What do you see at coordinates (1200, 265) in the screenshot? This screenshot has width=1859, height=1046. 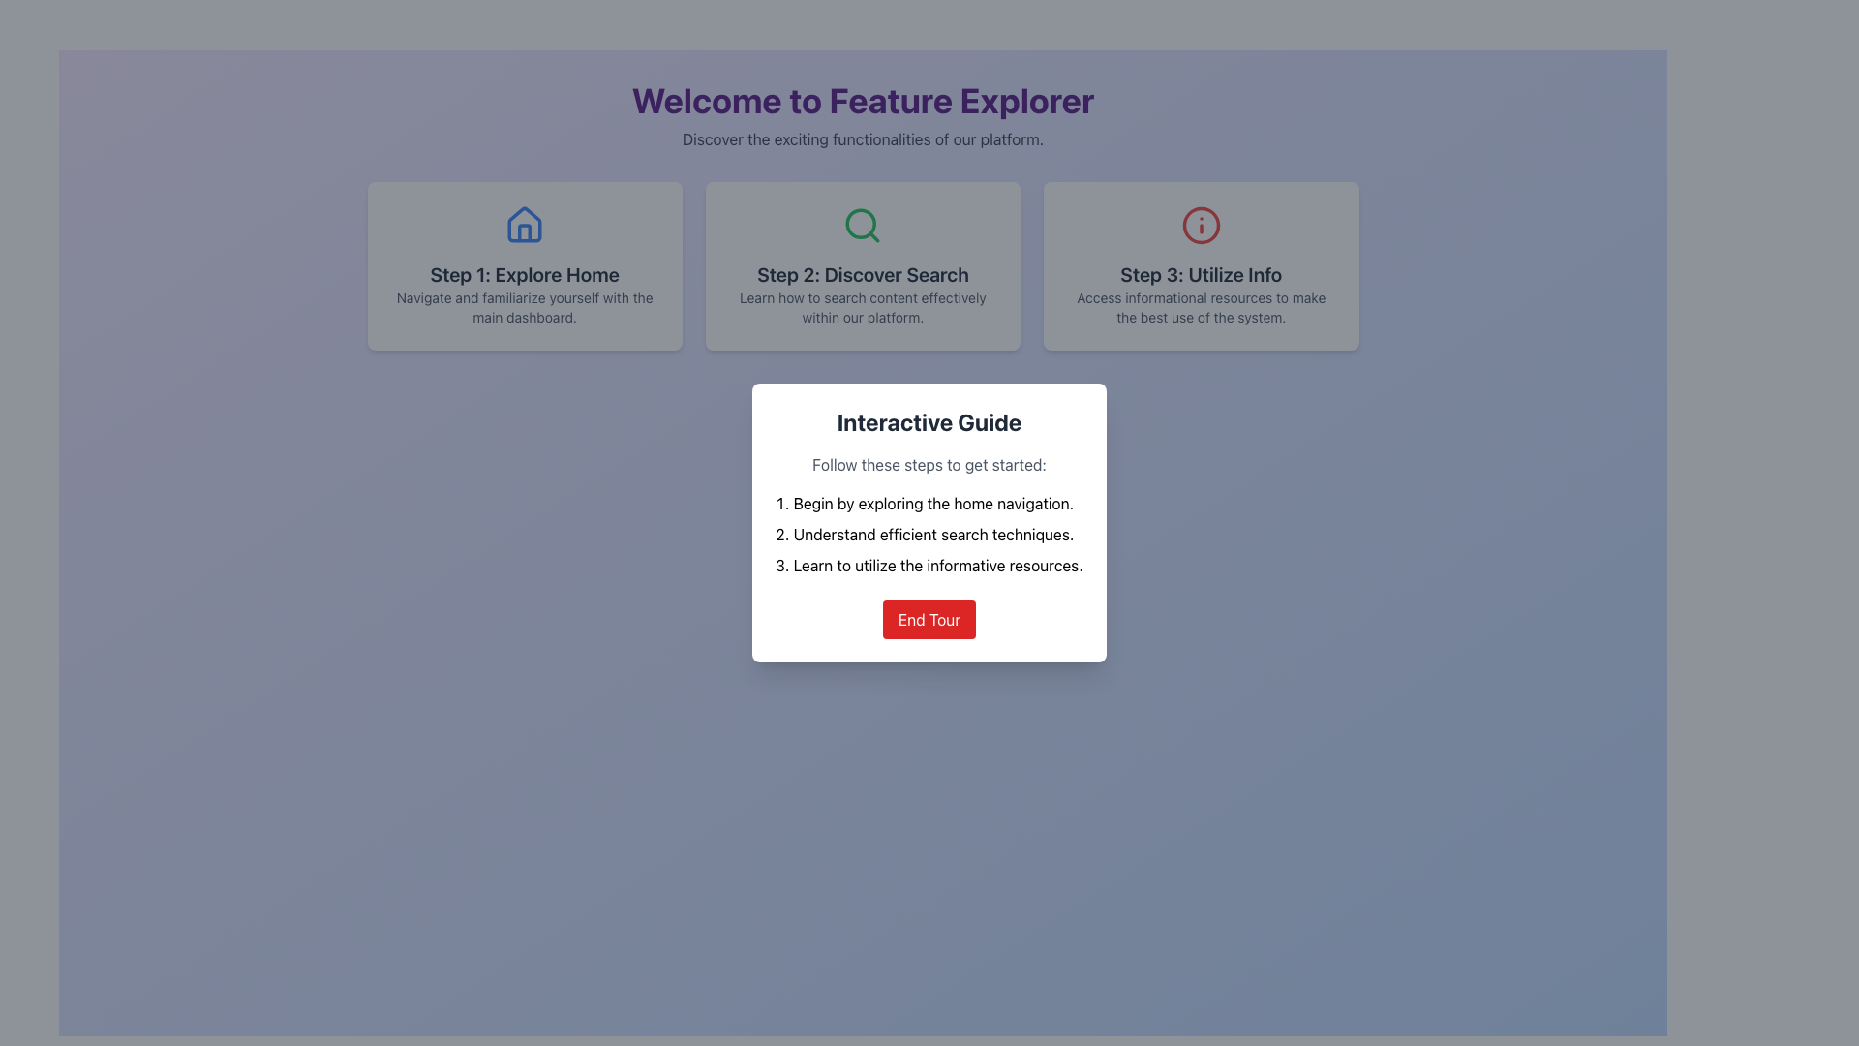 I see `the Informational Card with a light gray background and a red circular information icon at the top` at bounding box center [1200, 265].